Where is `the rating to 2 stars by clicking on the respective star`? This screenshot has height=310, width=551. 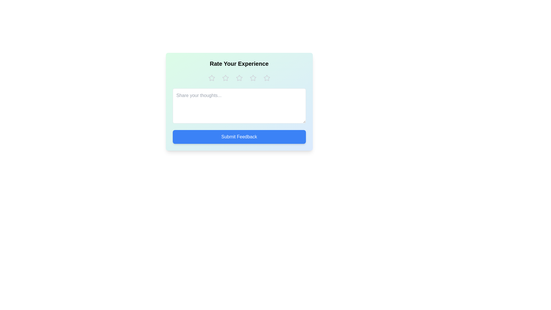
the rating to 2 stars by clicking on the respective star is located at coordinates (225, 78).